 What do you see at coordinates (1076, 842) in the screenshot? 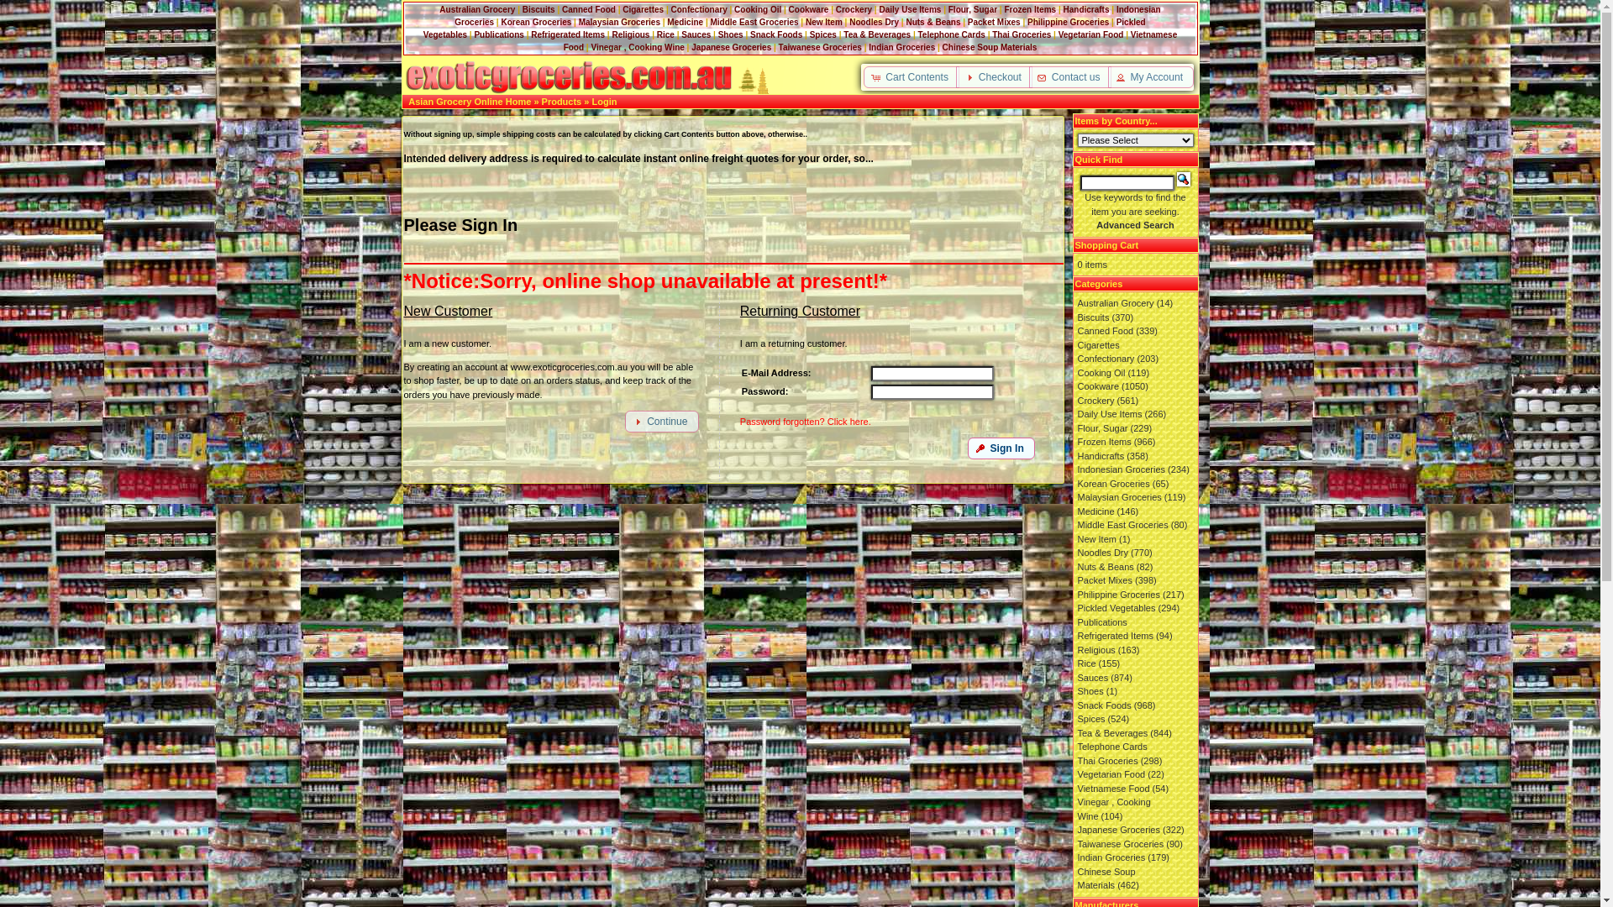
I see `'Taiwanese Groceries'` at bounding box center [1076, 842].